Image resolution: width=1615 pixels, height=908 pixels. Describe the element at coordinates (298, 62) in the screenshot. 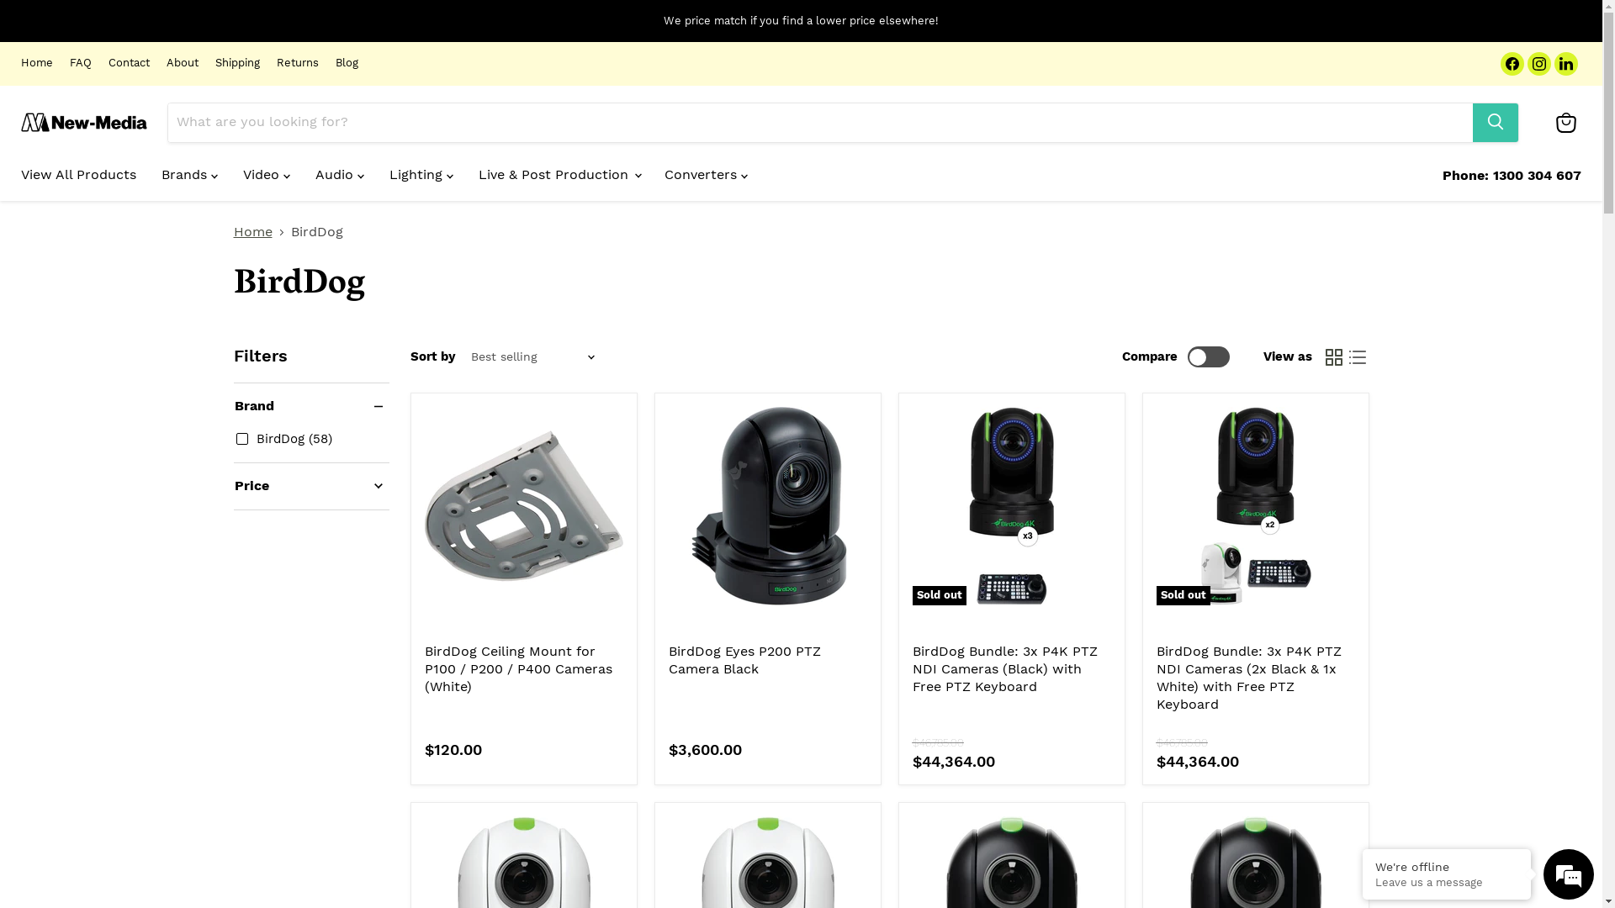

I see `'Returns'` at that location.